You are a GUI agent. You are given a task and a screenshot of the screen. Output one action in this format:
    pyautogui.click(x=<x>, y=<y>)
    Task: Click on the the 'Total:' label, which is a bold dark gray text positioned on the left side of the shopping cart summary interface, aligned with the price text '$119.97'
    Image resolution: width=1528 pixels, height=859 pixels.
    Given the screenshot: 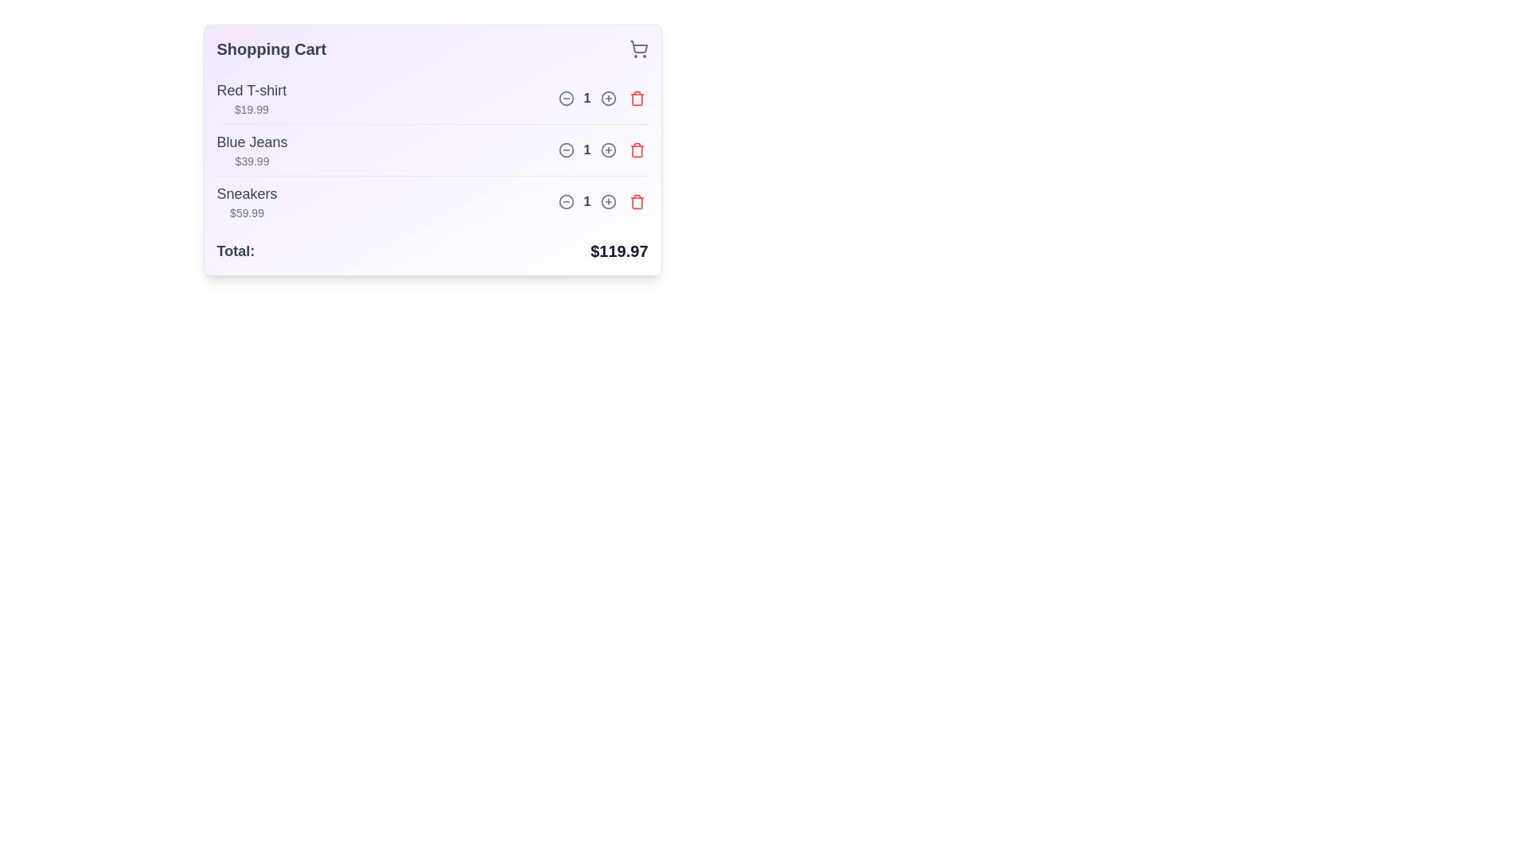 What is the action you would take?
    pyautogui.click(x=235, y=251)
    